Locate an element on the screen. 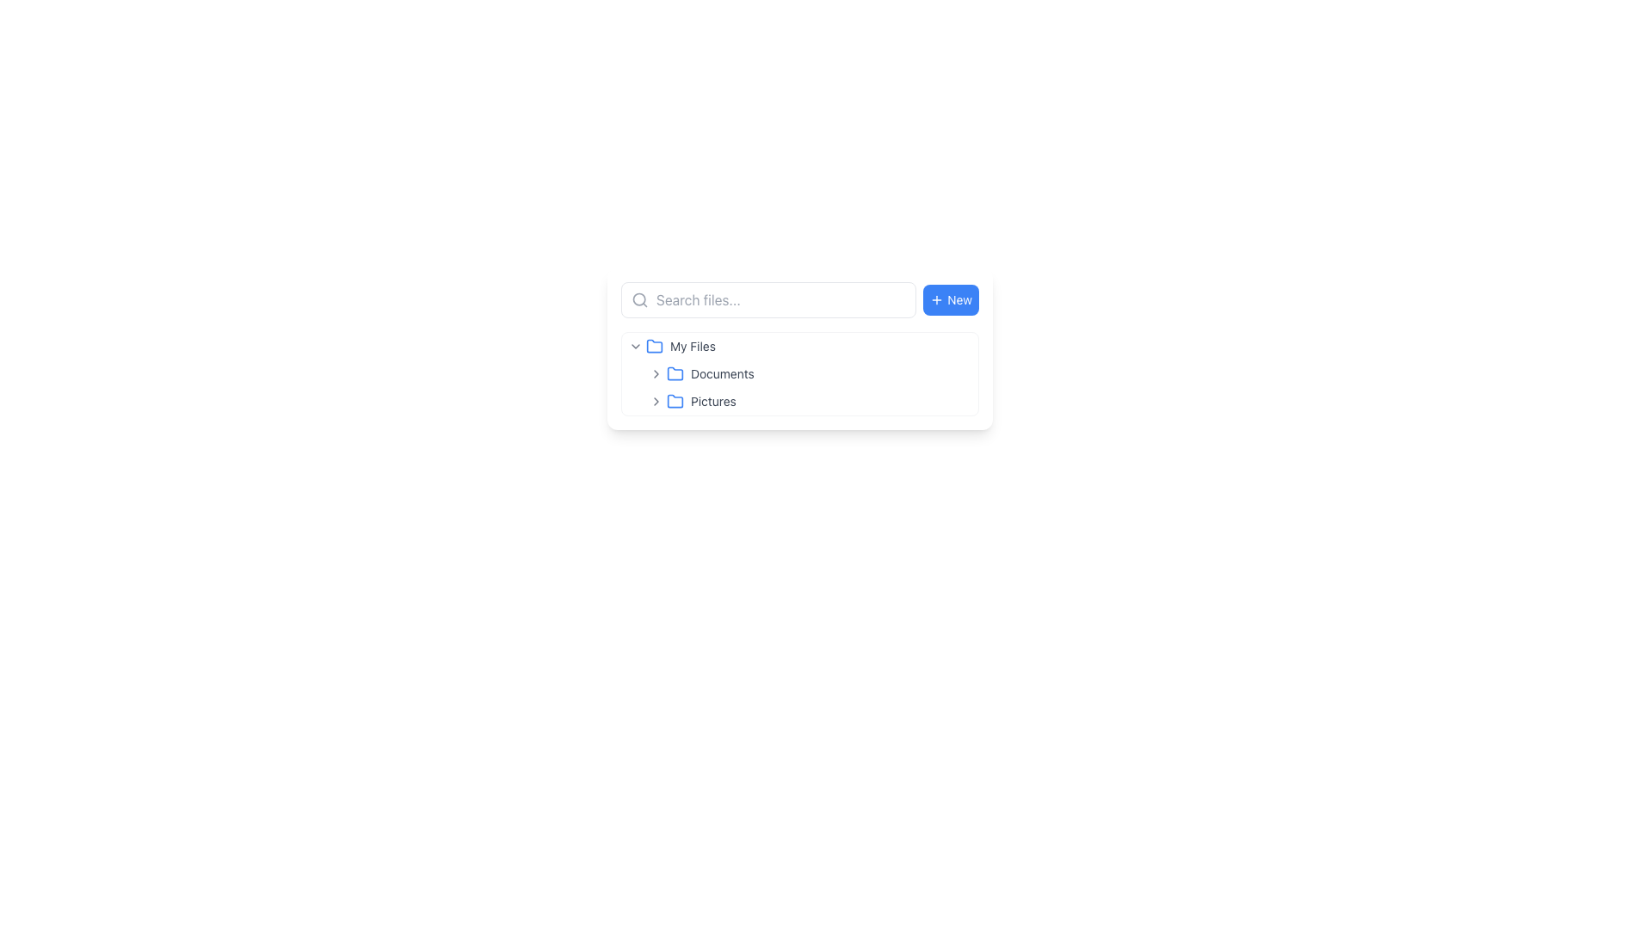 This screenshot has width=1652, height=929. the blue vector graphic of the folder icon located to the left of the 'My Files' text label in the file hierarchy panel is located at coordinates (675, 372).